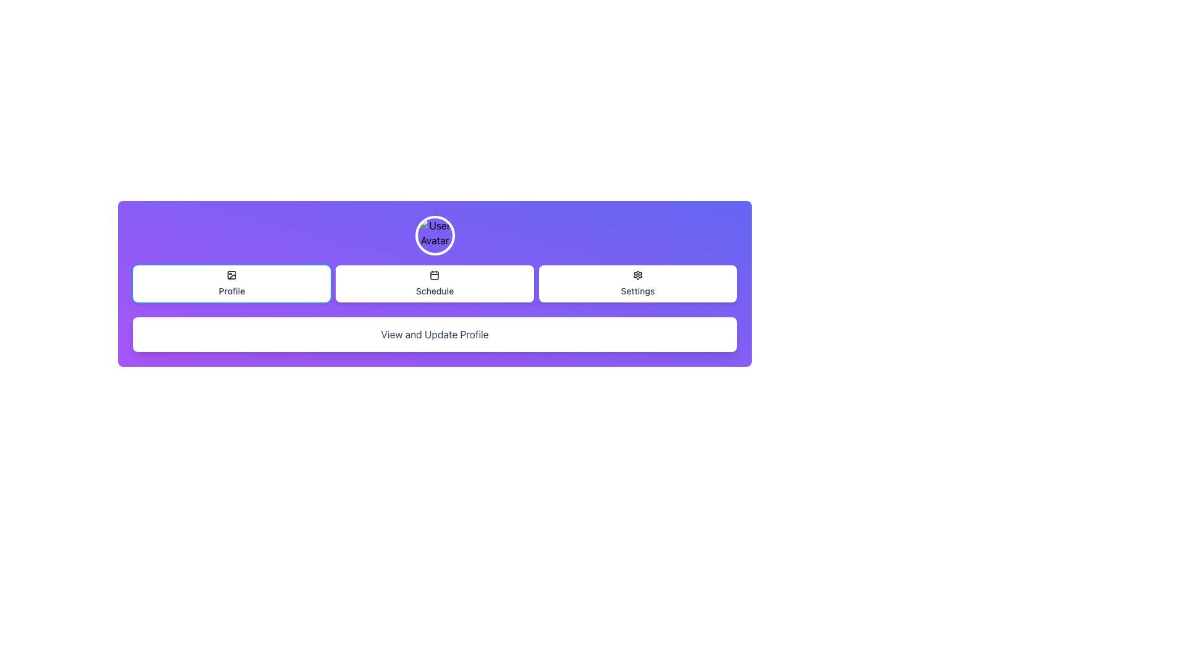  Describe the element at coordinates (435, 284) in the screenshot. I see `the 'Schedule' button located in the middle section beneath the user avatar, positioned between 'Profile' on the left and 'Settings' on the right` at that location.